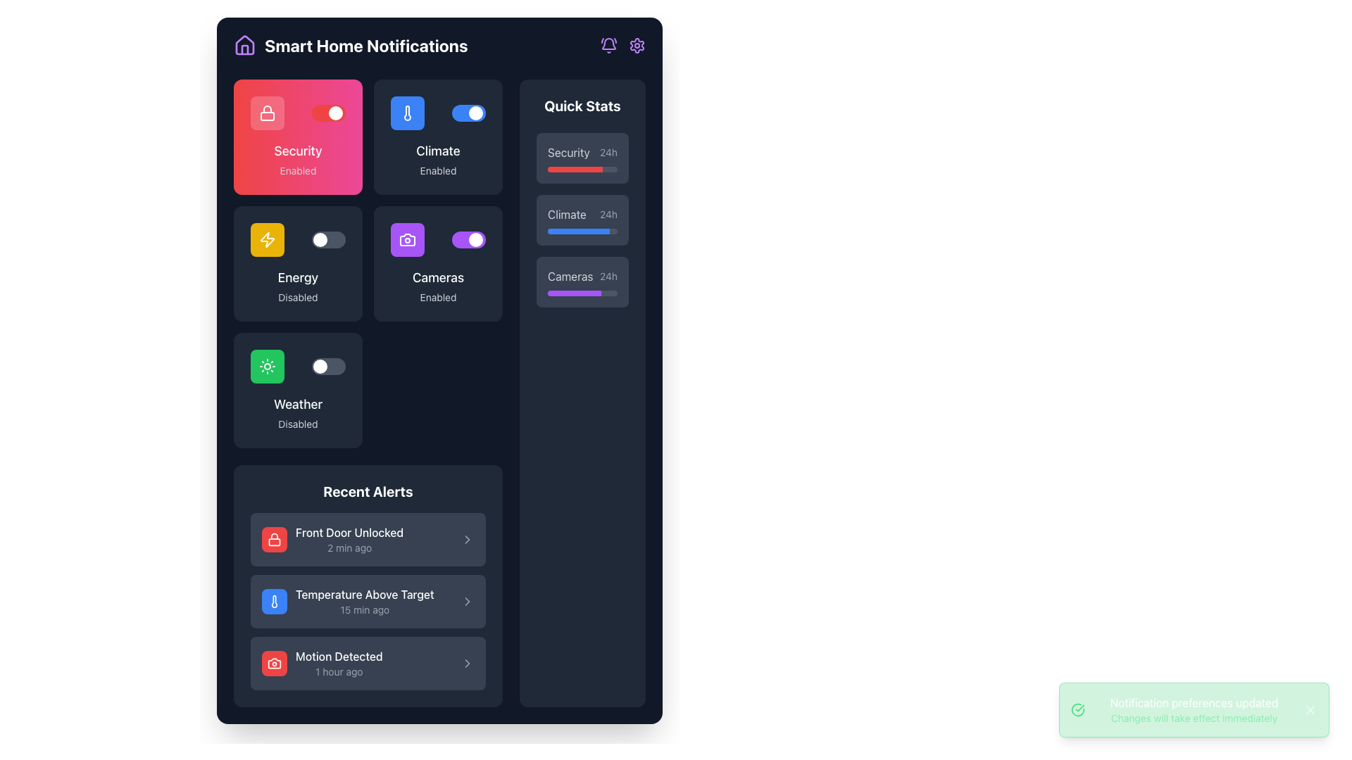  Describe the element at coordinates (437, 297) in the screenshot. I see `the text label indicating the status of the 'Cameras' functionality, located within the 'Smart Home Notifications' panel, below the larger 'Cameras' label` at that location.